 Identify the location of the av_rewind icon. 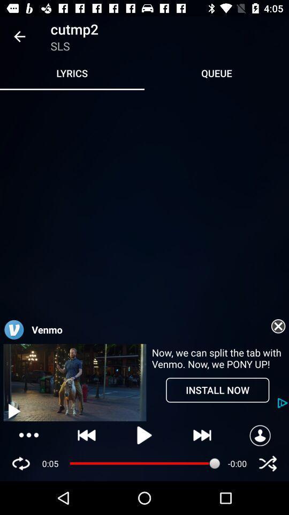
(86, 435).